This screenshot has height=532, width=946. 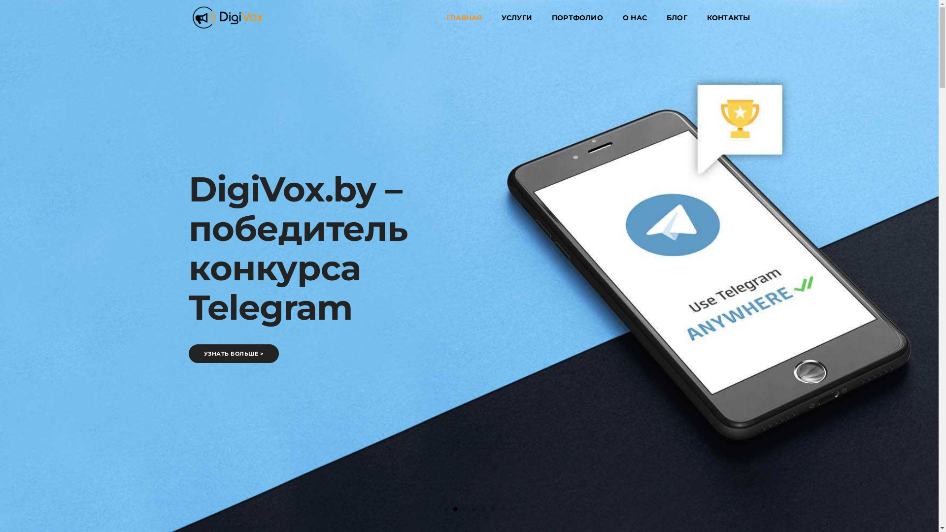 What do you see at coordinates (226, 17) in the screenshot?
I see `'digivox.by'` at bounding box center [226, 17].